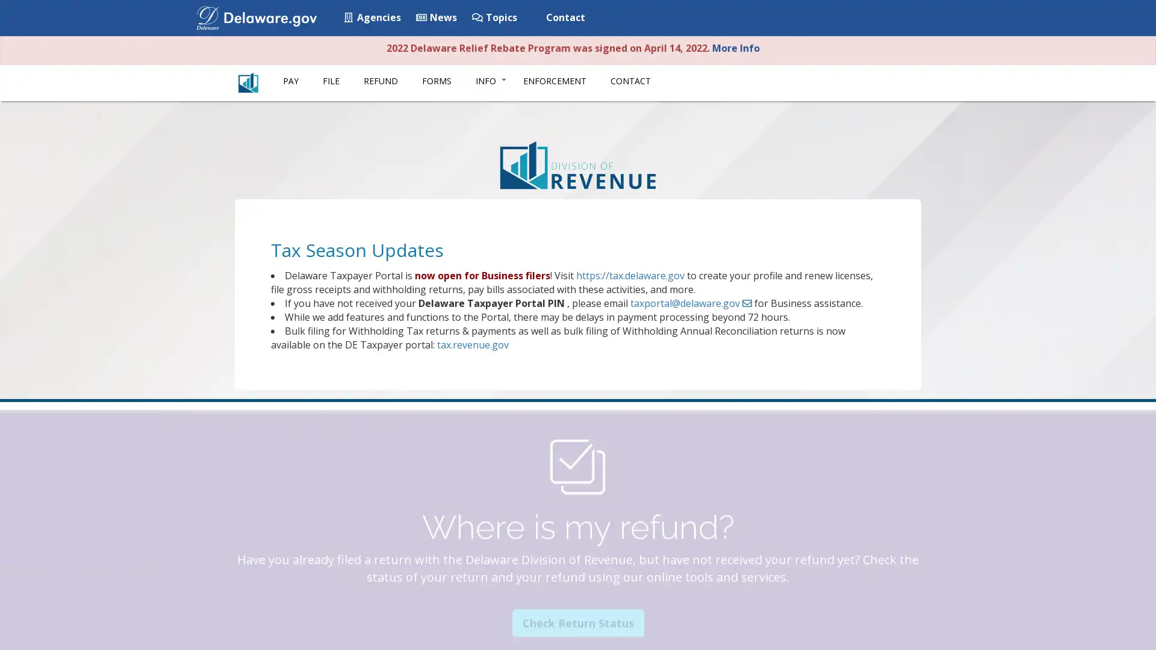 The width and height of the screenshot is (1156, 650). What do you see at coordinates (917, 19) in the screenshot?
I see `Submit` at bounding box center [917, 19].